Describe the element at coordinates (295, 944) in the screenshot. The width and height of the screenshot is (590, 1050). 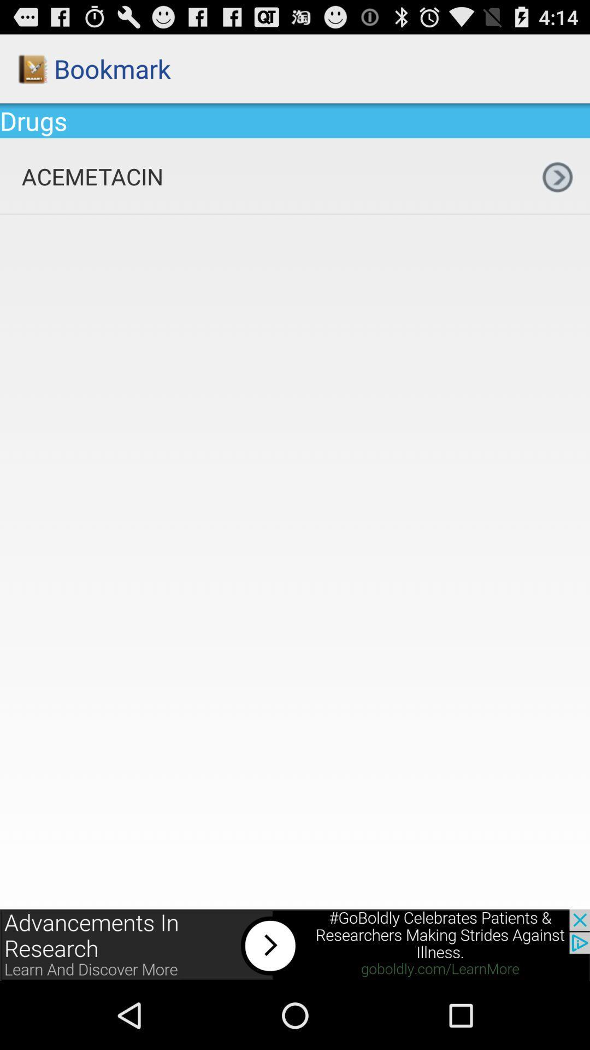
I see `announcement` at that location.